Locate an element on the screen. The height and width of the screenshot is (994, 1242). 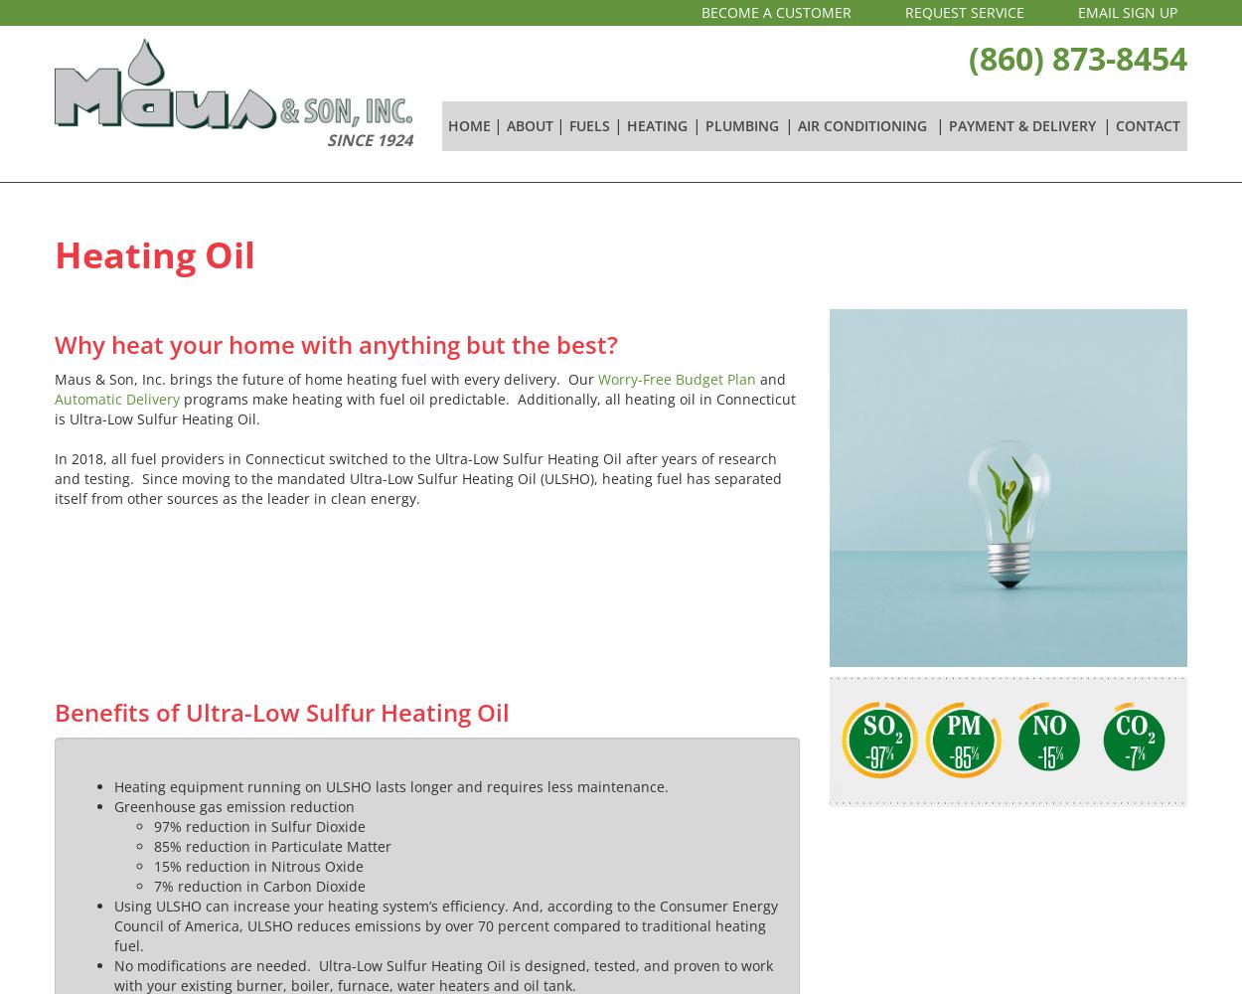
'Worry-Free Budget Plan' is located at coordinates (677, 379).